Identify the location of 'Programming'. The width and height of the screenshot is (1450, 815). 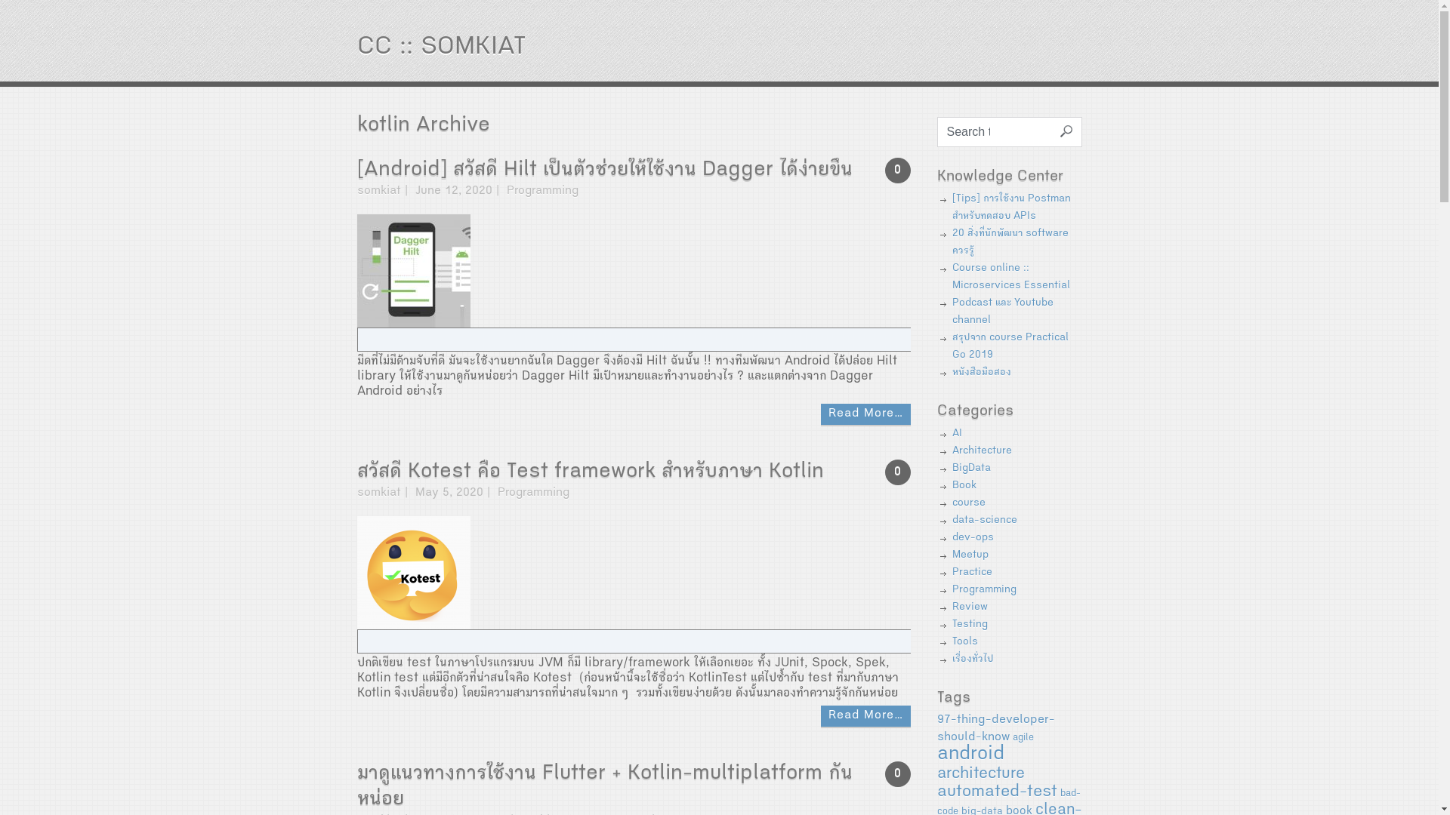
(983, 589).